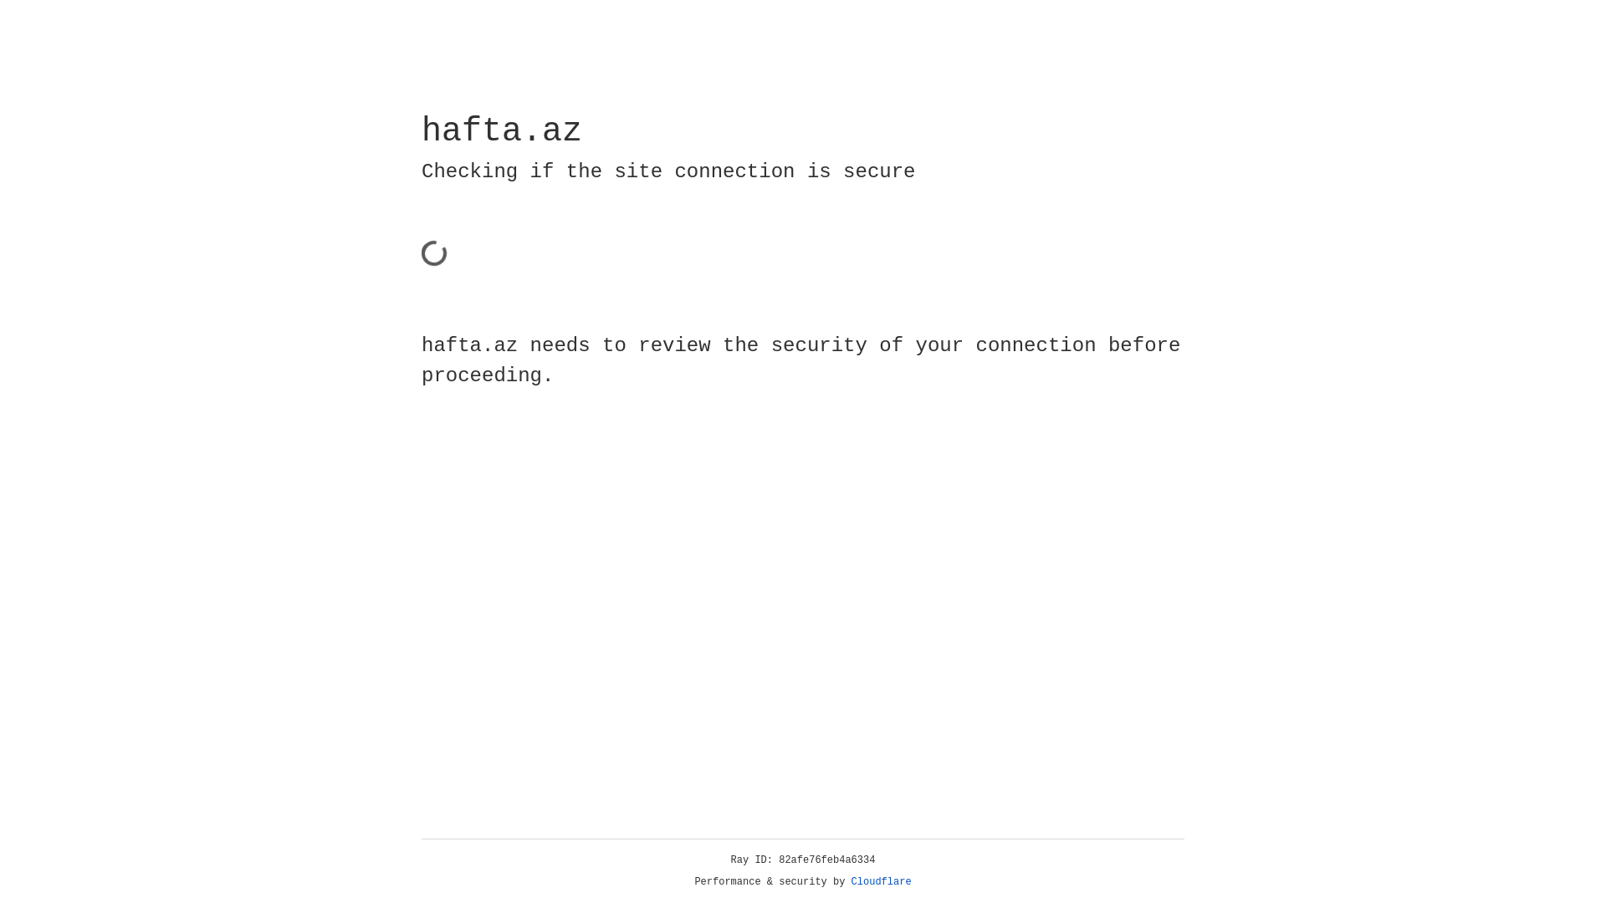 This screenshot has height=903, width=1606. I want to click on 'Cloudflare', so click(851, 881).